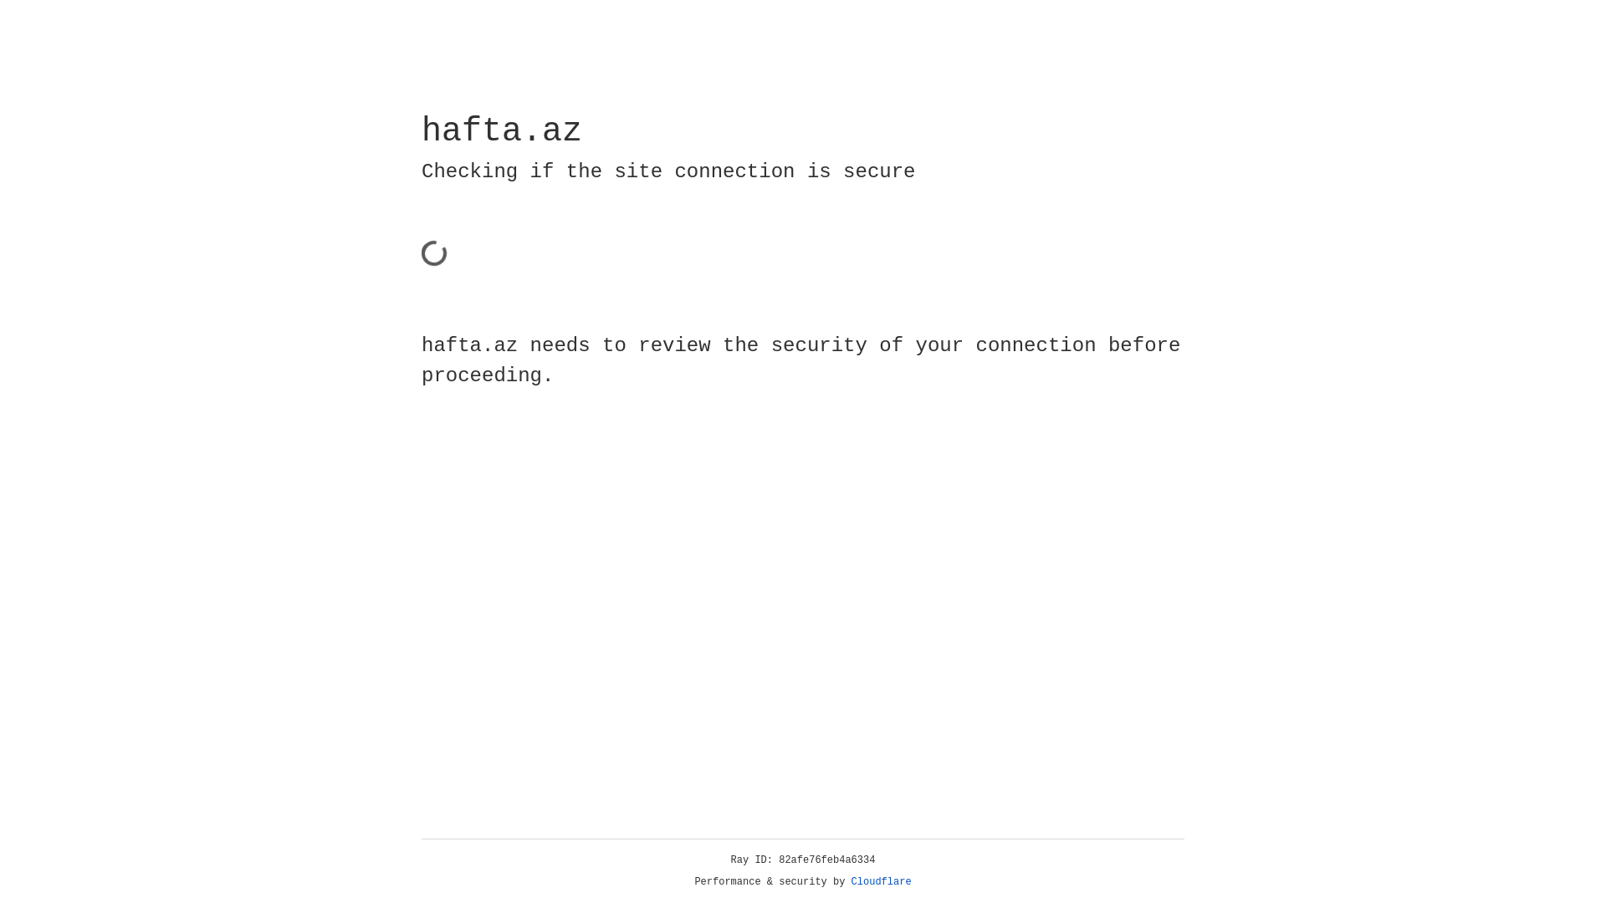 This screenshot has height=903, width=1606. I want to click on 'Cloudflare', so click(851, 881).